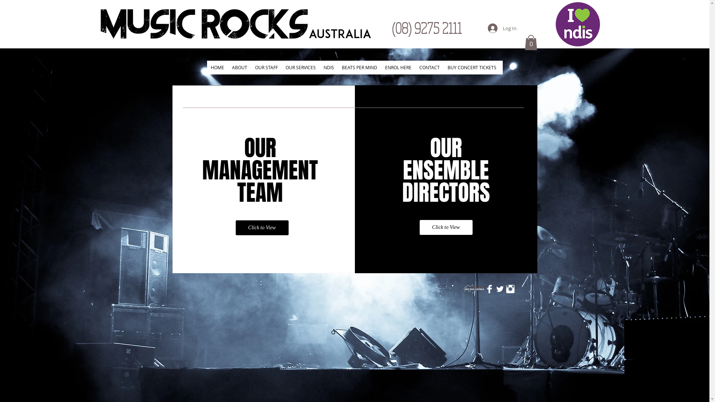 The height and width of the screenshot is (402, 715). I want to click on 'Log In', so click(502, 28).